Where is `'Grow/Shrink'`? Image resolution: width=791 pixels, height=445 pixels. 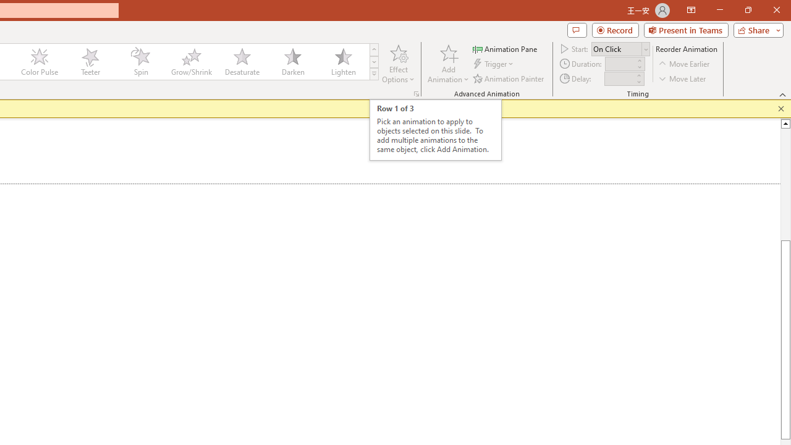
'Grow/Shrink' is located at coordinates (190, 62).